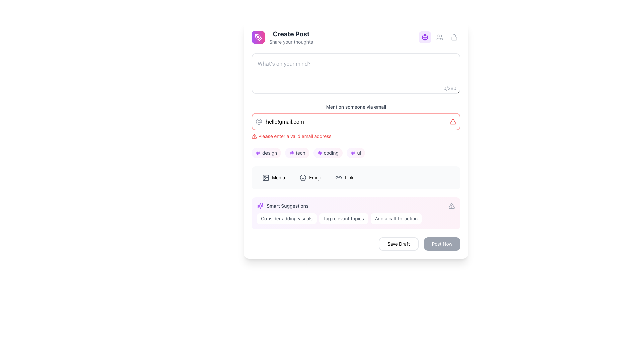  Describe the element at coordinates (353, 153) in the screenshot. I see `the tagging icon located on the horizontal gradient button labeled 'ui', which is situated next to hashtag tags like 'design', 'tech', and 'coding', towards the bottom center of the interface` at that location.